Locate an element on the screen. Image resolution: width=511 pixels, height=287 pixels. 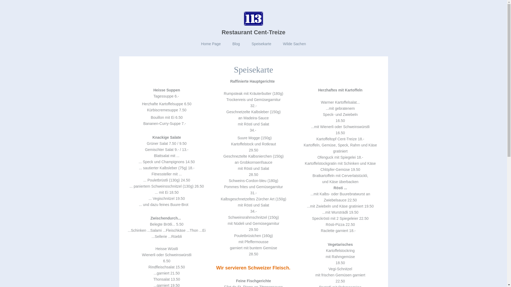
'Restaurant Cent-Treize' is located at coordinates (253, 32).